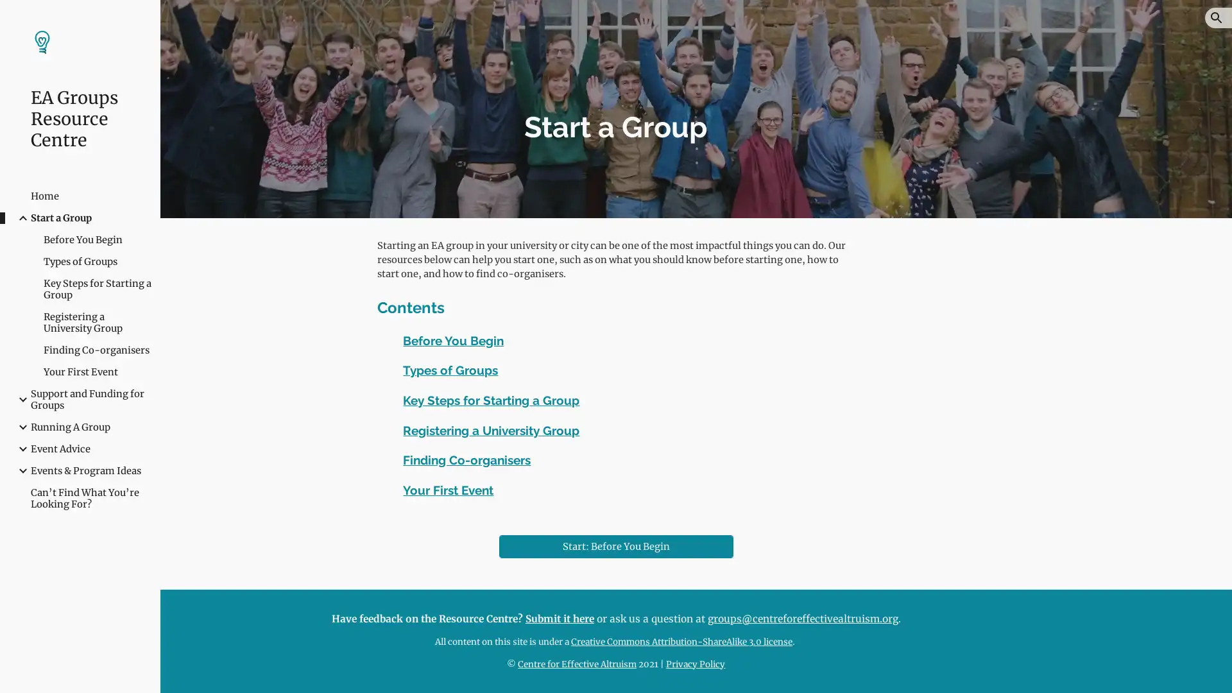  I want to click on Copy heading link, so click(597, 339).